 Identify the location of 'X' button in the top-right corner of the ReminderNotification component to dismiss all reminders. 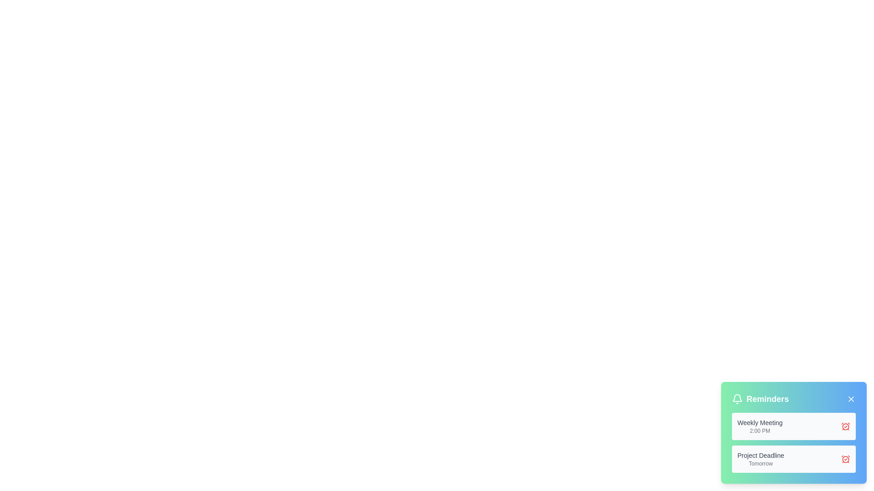
(851, 399).